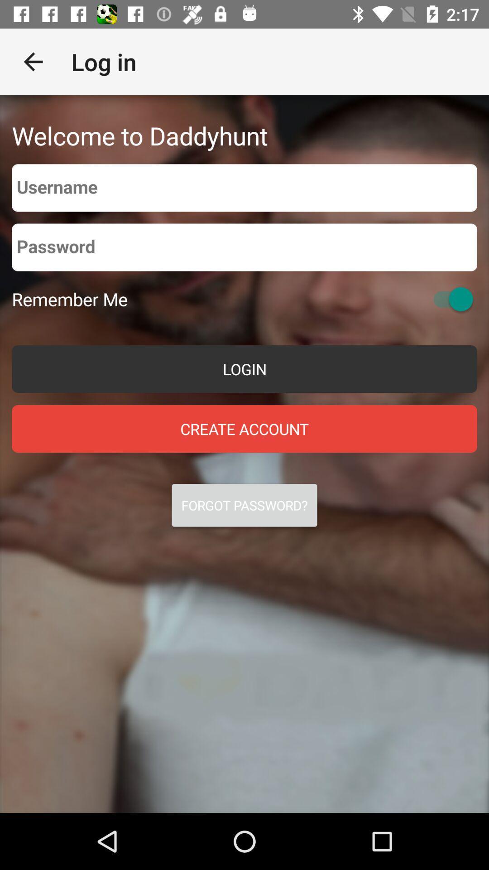  I want to click on password, so click(244, 247).